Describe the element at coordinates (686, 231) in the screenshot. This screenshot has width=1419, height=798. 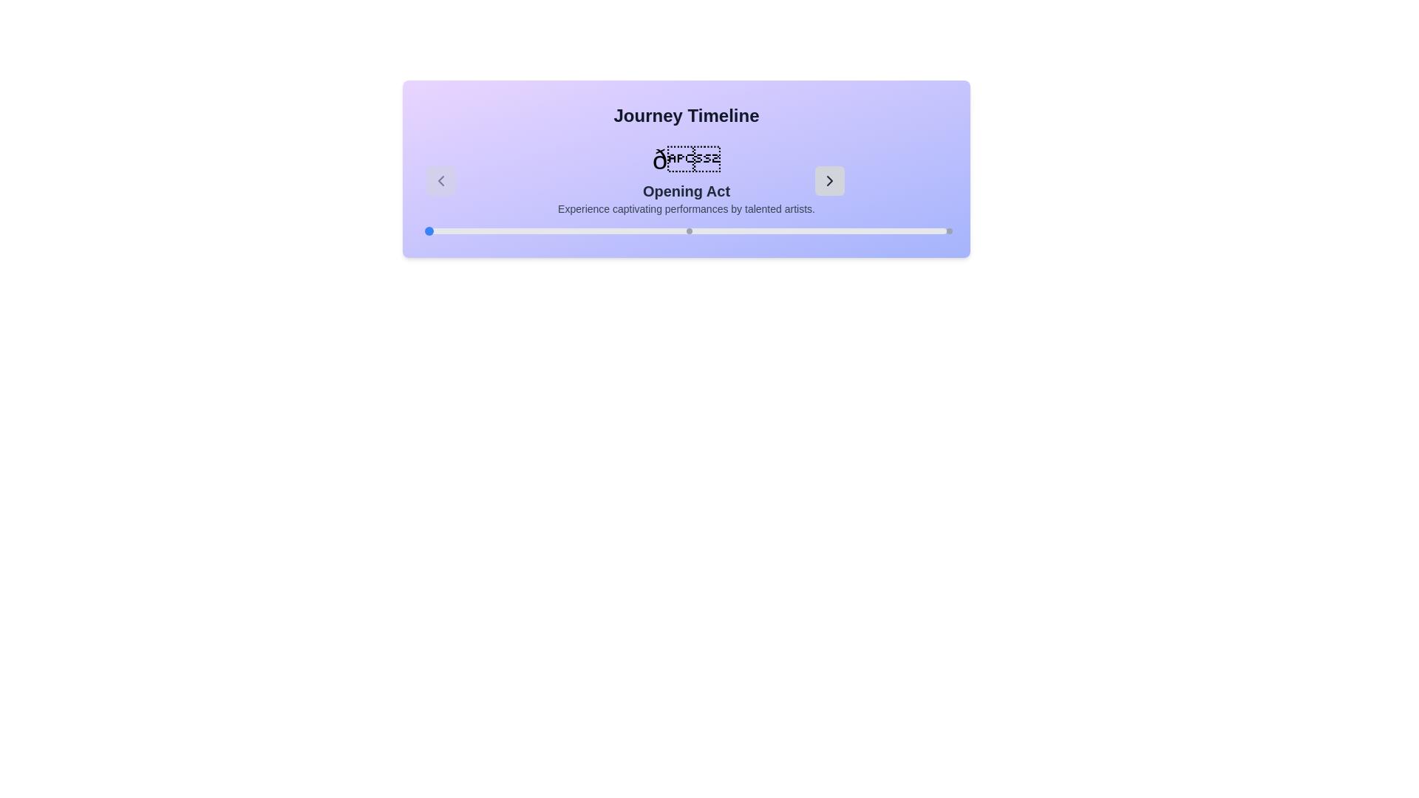
I see `the circular indicators within the progress indicator bar located at the bottom section of the 'Journey Timeline' card, just below the text 'Experience captivating performances by talented artists.'` at that location.